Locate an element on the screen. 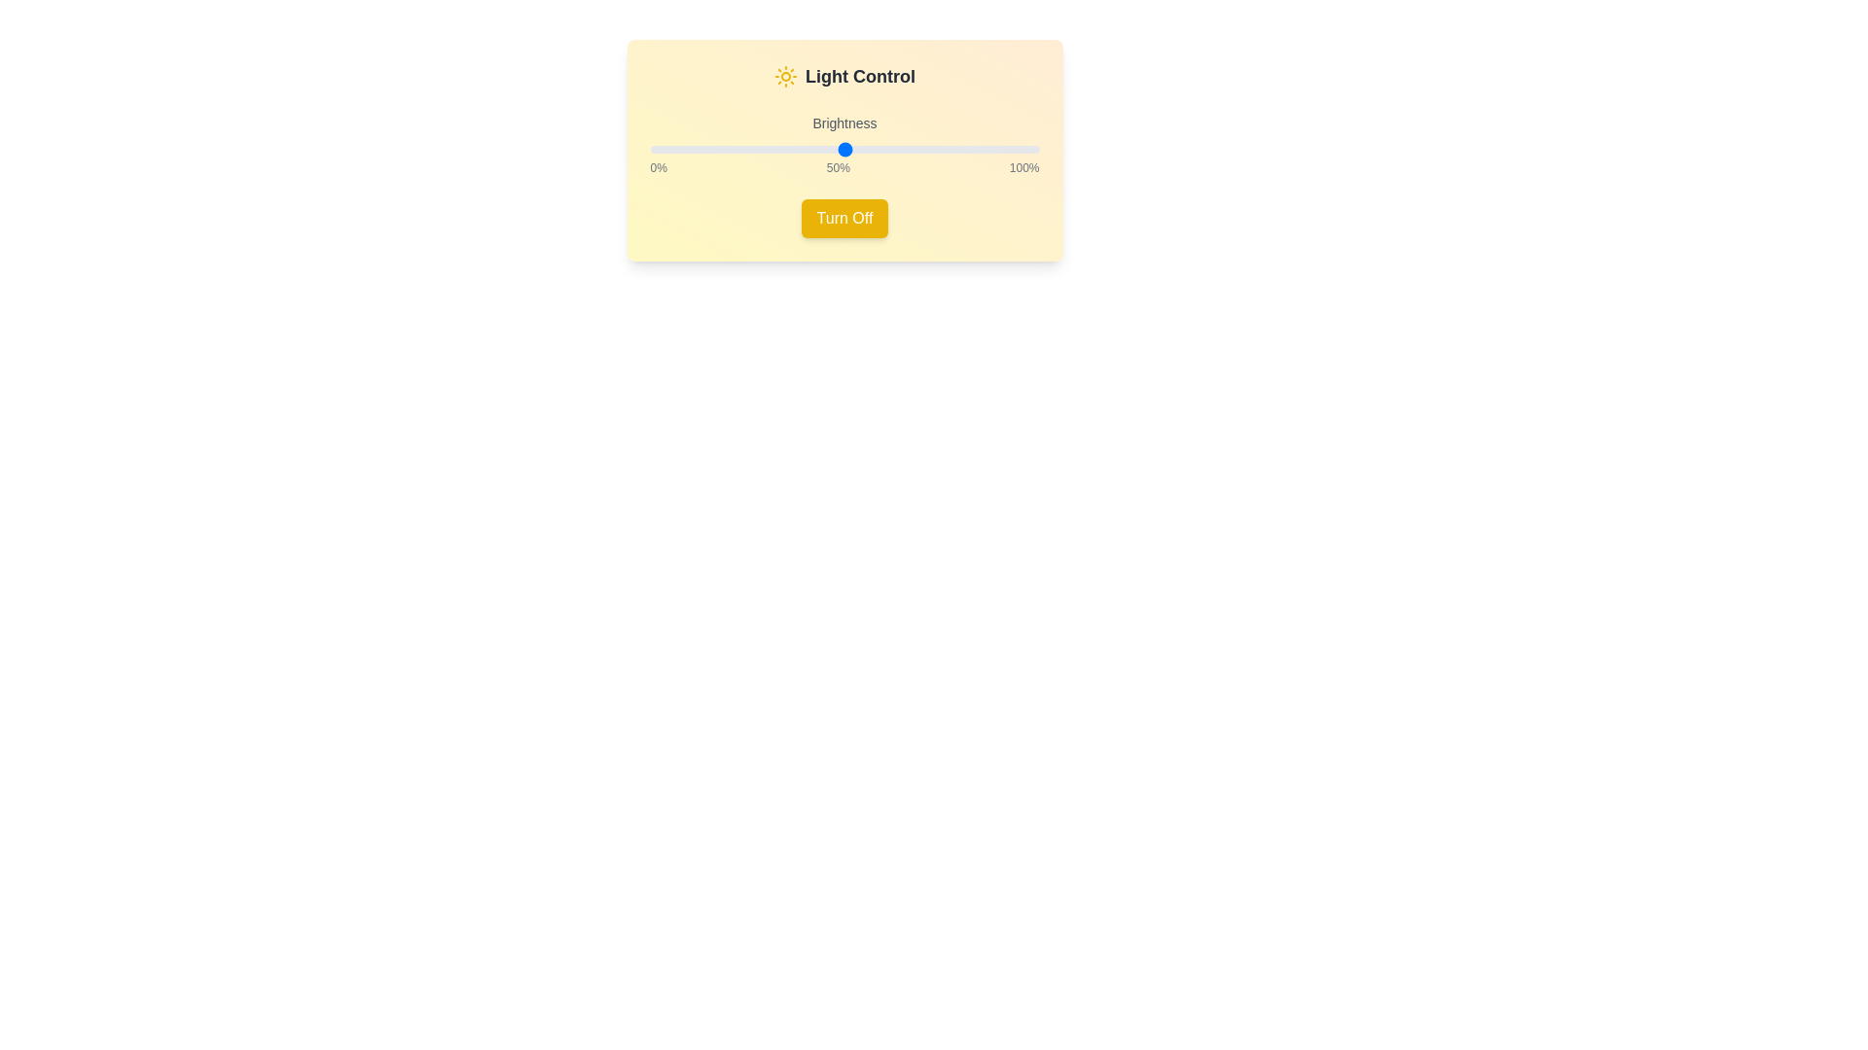 The image size is (1868, 1050). the static text displaying '0%', '50%', and '100%' labels located below the brightness slider in the Brightness control section is located at coordinates (844, 167).